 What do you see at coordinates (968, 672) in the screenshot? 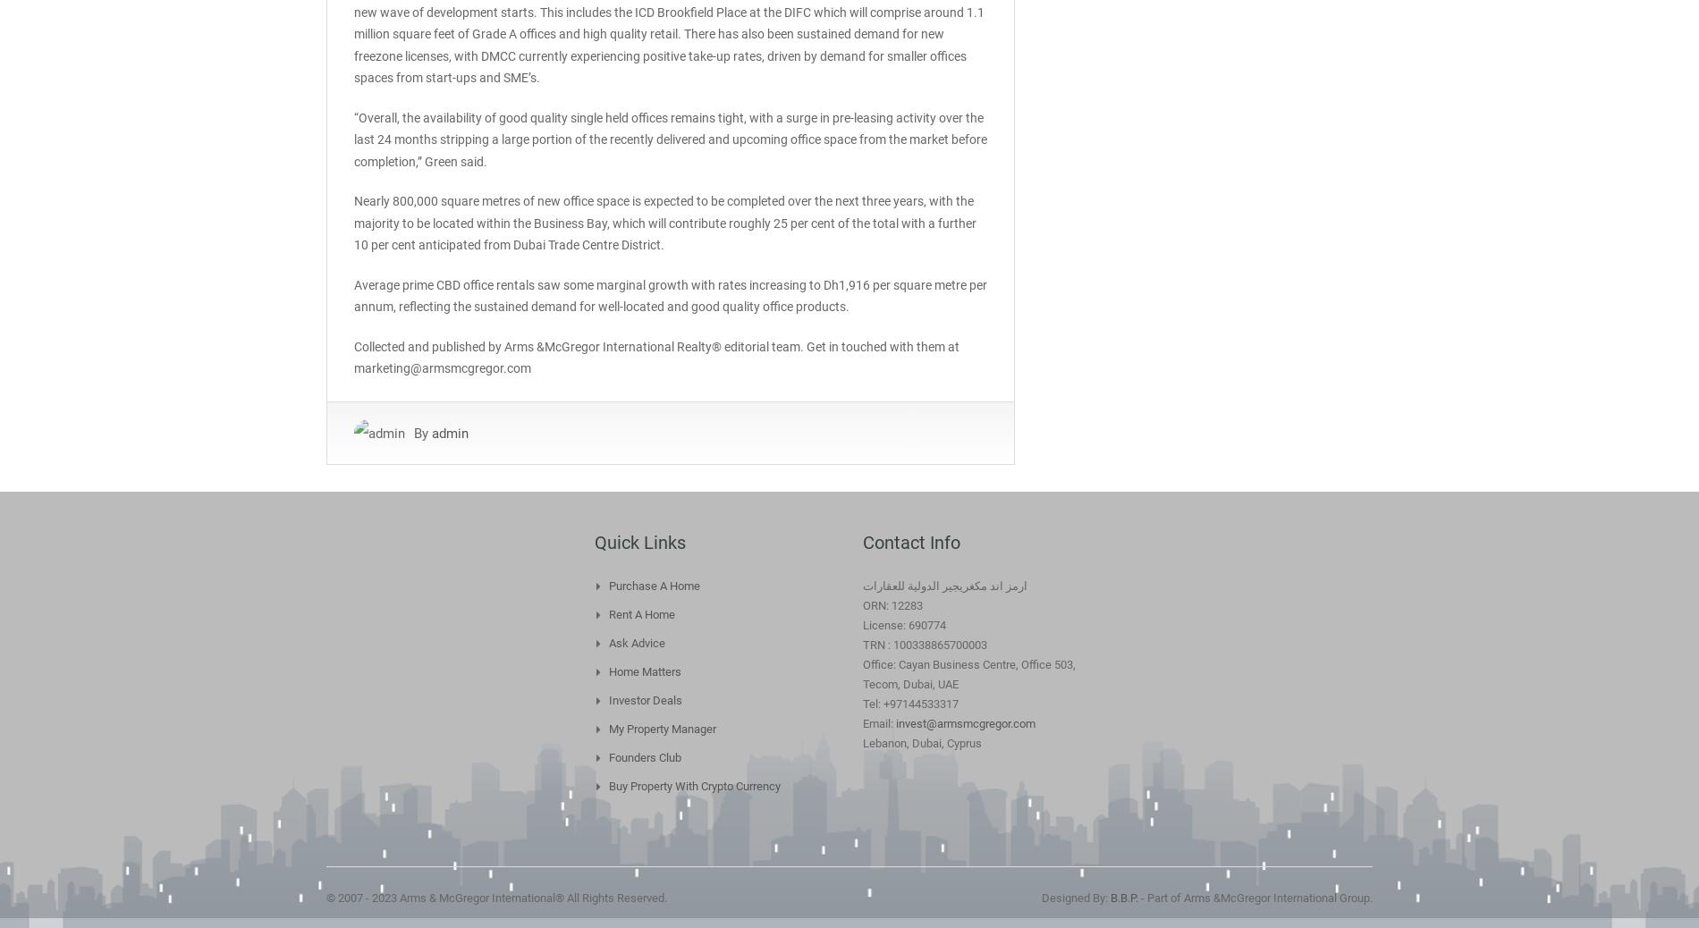
I see `'Office: Cayan Business Centre, Office 503, Tecom, Dubai, UAE'` at bounding box center [968, 672].